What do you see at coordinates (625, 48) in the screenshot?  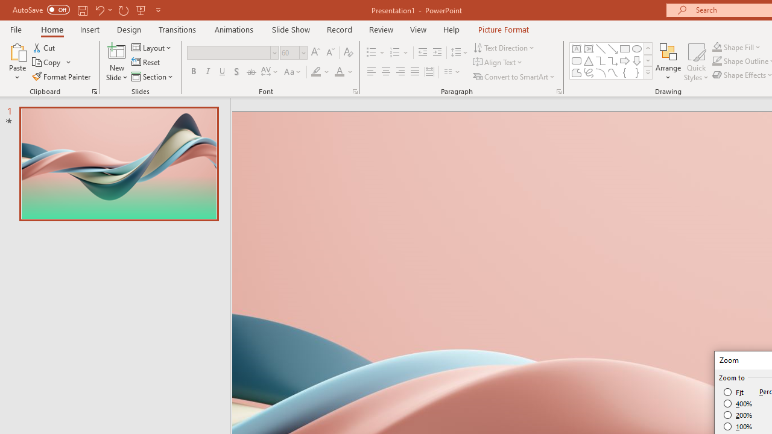 I see `'Rectangle'` at bounding box center [625, 48].